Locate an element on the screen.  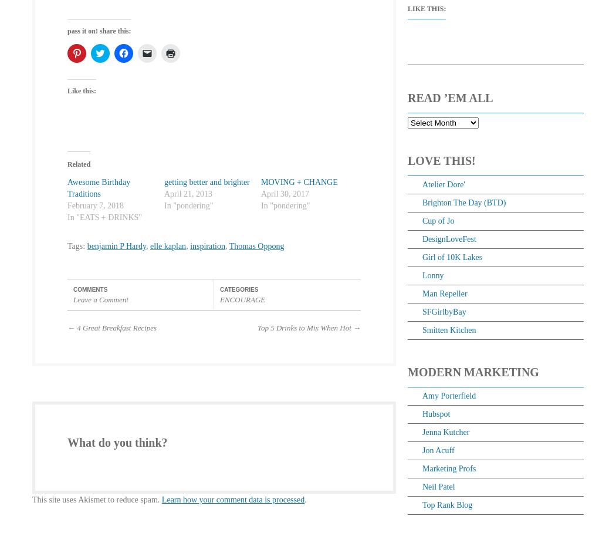
'elle kaplan' is located at coordinates (150, 245).